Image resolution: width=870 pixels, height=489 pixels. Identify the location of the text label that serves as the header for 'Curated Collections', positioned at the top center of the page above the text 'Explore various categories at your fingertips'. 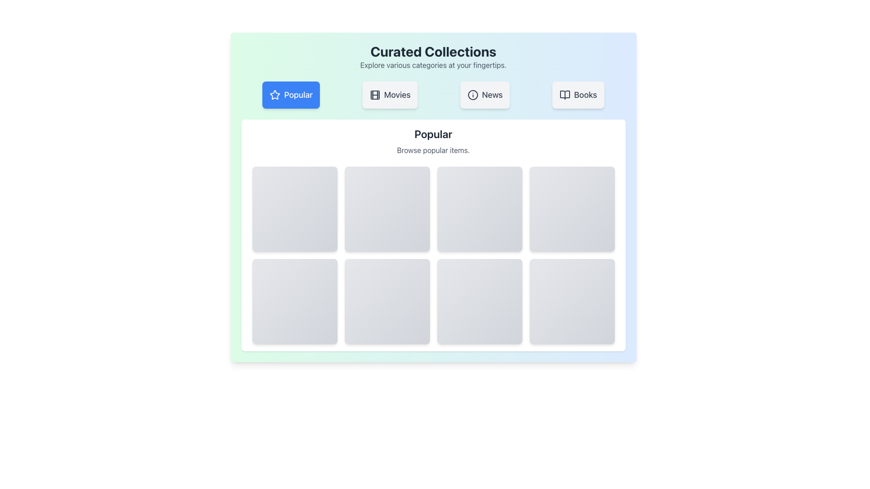
(433, 52).